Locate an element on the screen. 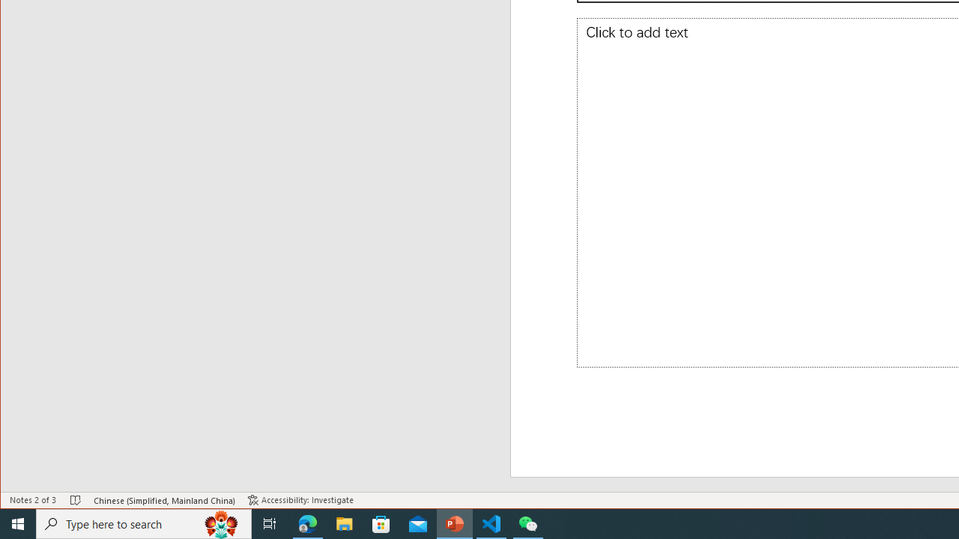 This screenshot has width=959, height=539. 'Microsoft Edge - 1 running window' is located at coordinates (307, 523).